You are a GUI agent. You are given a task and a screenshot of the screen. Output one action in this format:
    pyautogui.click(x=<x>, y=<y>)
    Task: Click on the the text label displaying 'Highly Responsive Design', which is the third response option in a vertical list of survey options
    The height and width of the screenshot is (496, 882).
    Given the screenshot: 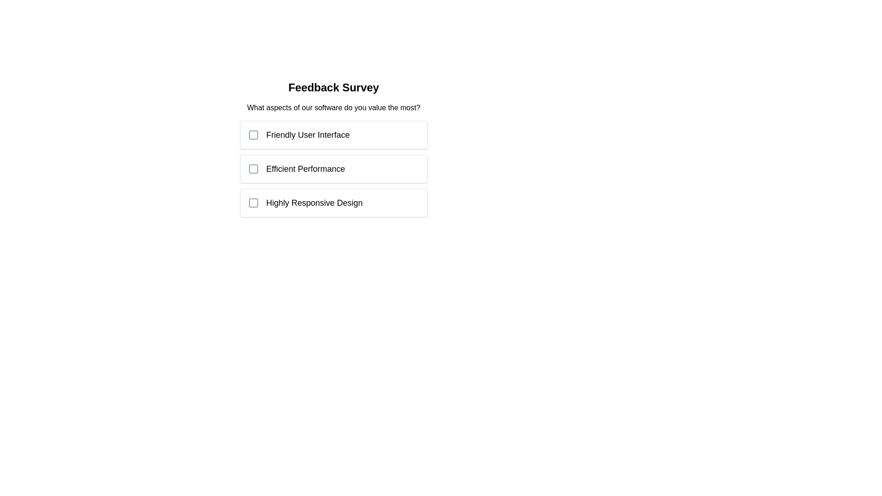 What is the action you would take?
    pyautogui.click(x=314, y=203)
    